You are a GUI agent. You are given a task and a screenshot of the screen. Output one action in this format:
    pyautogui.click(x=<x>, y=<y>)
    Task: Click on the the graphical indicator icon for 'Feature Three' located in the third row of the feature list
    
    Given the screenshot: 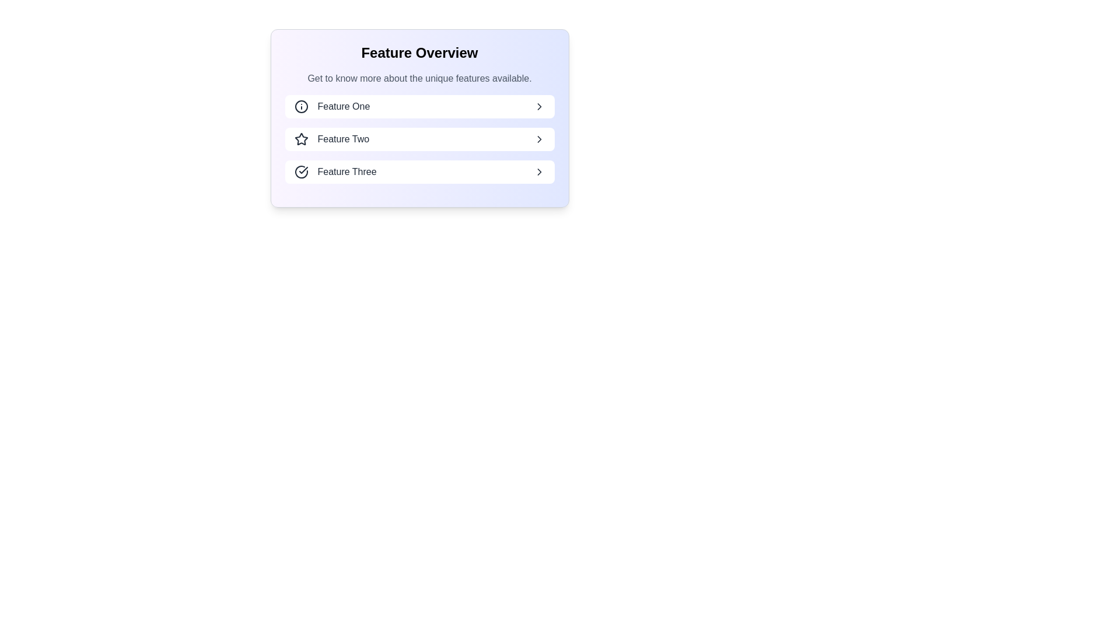 What is the action you would take?
    pyautogui.click(x=301, y=171)
    